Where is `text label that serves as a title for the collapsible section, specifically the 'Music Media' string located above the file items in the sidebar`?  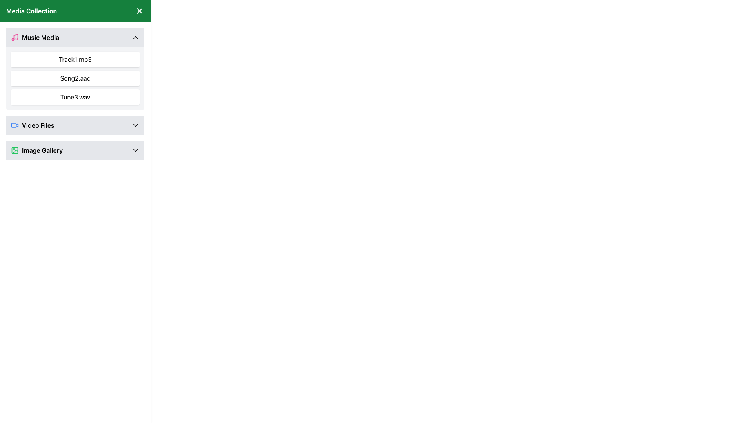
text label that serves as a title for the collapsible section, specifically the 'Music Media' string located above the file items in the sidebar is located at coordinates (40, 38).